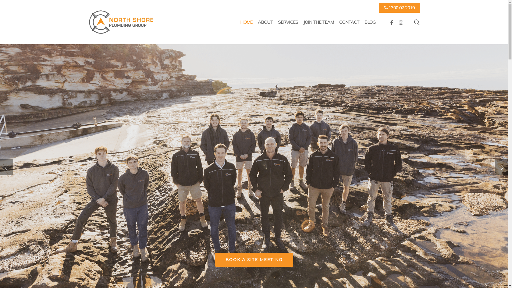 Image resolution: width=512 pixels, height=288 pixels. I want to click on 'ABOUT', so click(265, 22).